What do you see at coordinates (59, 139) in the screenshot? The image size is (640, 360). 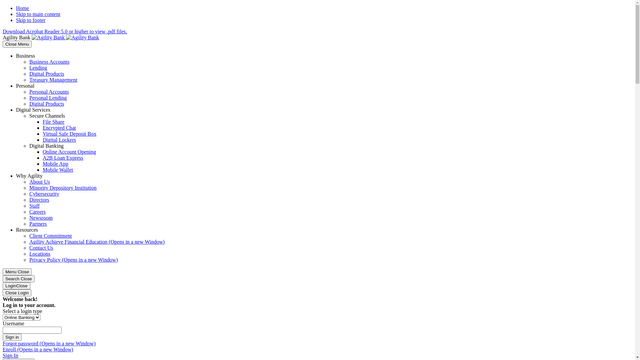 I see `'Digital Lockers'` at bounding box center [59, 139].